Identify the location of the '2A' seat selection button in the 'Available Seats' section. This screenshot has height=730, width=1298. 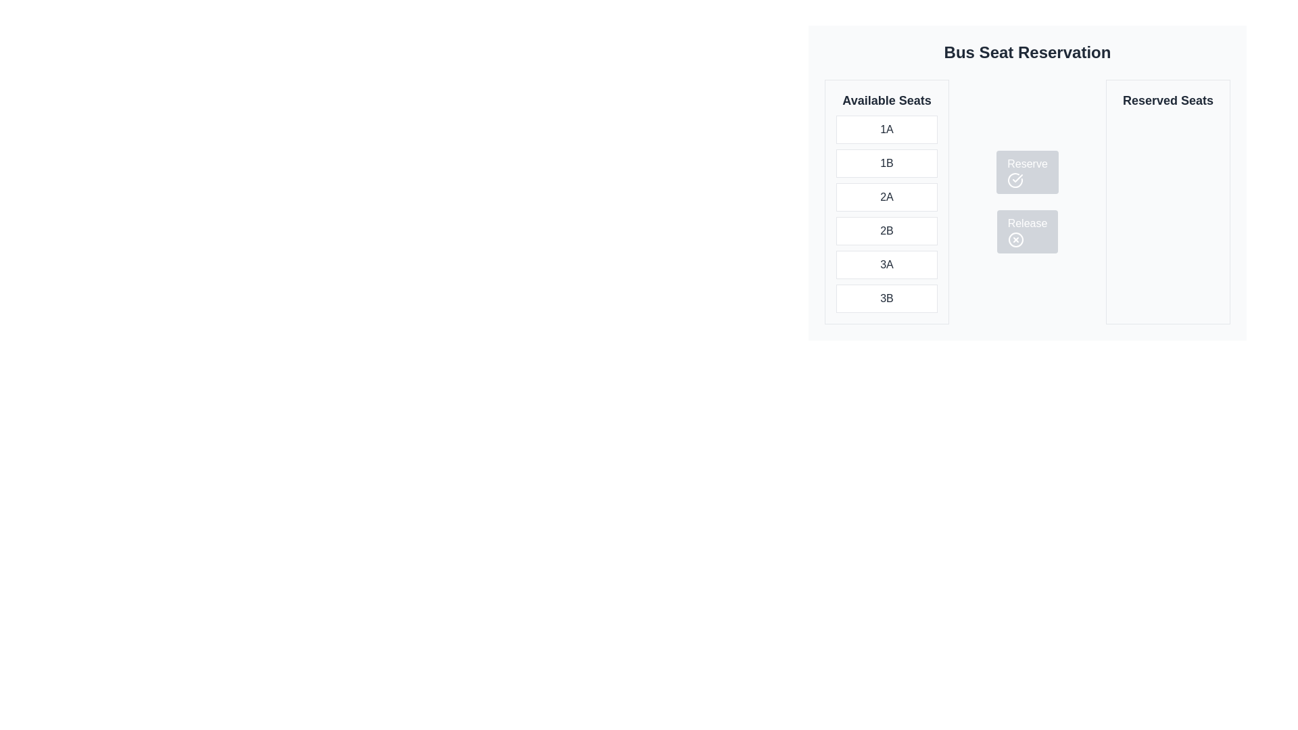
(886, 197).